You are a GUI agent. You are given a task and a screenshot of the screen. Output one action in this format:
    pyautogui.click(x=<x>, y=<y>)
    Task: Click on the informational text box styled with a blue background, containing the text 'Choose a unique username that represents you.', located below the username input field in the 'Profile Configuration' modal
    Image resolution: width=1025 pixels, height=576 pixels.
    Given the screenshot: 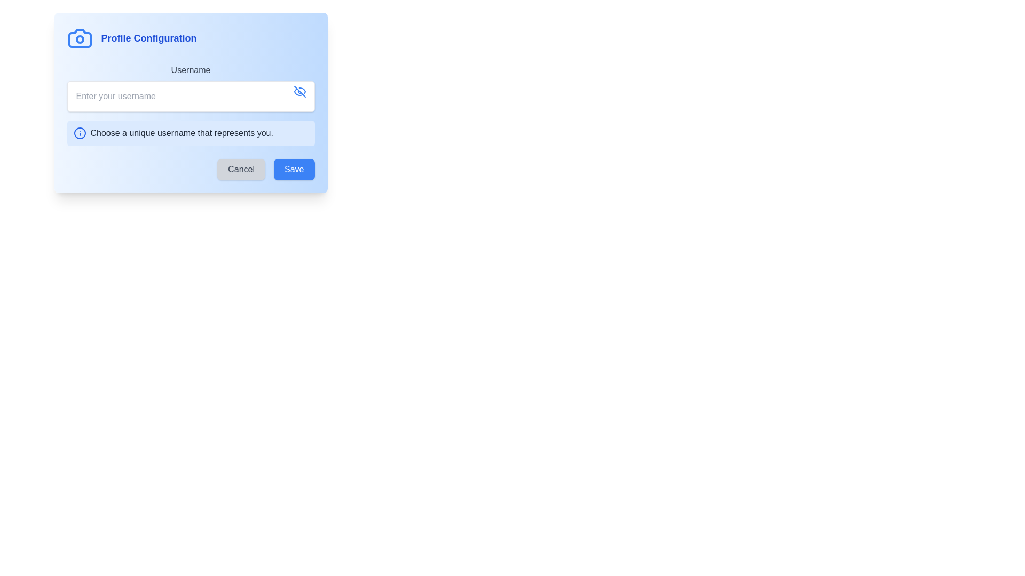 What is the action you would take?
    pyautogui.click(x=191, y=133)
    